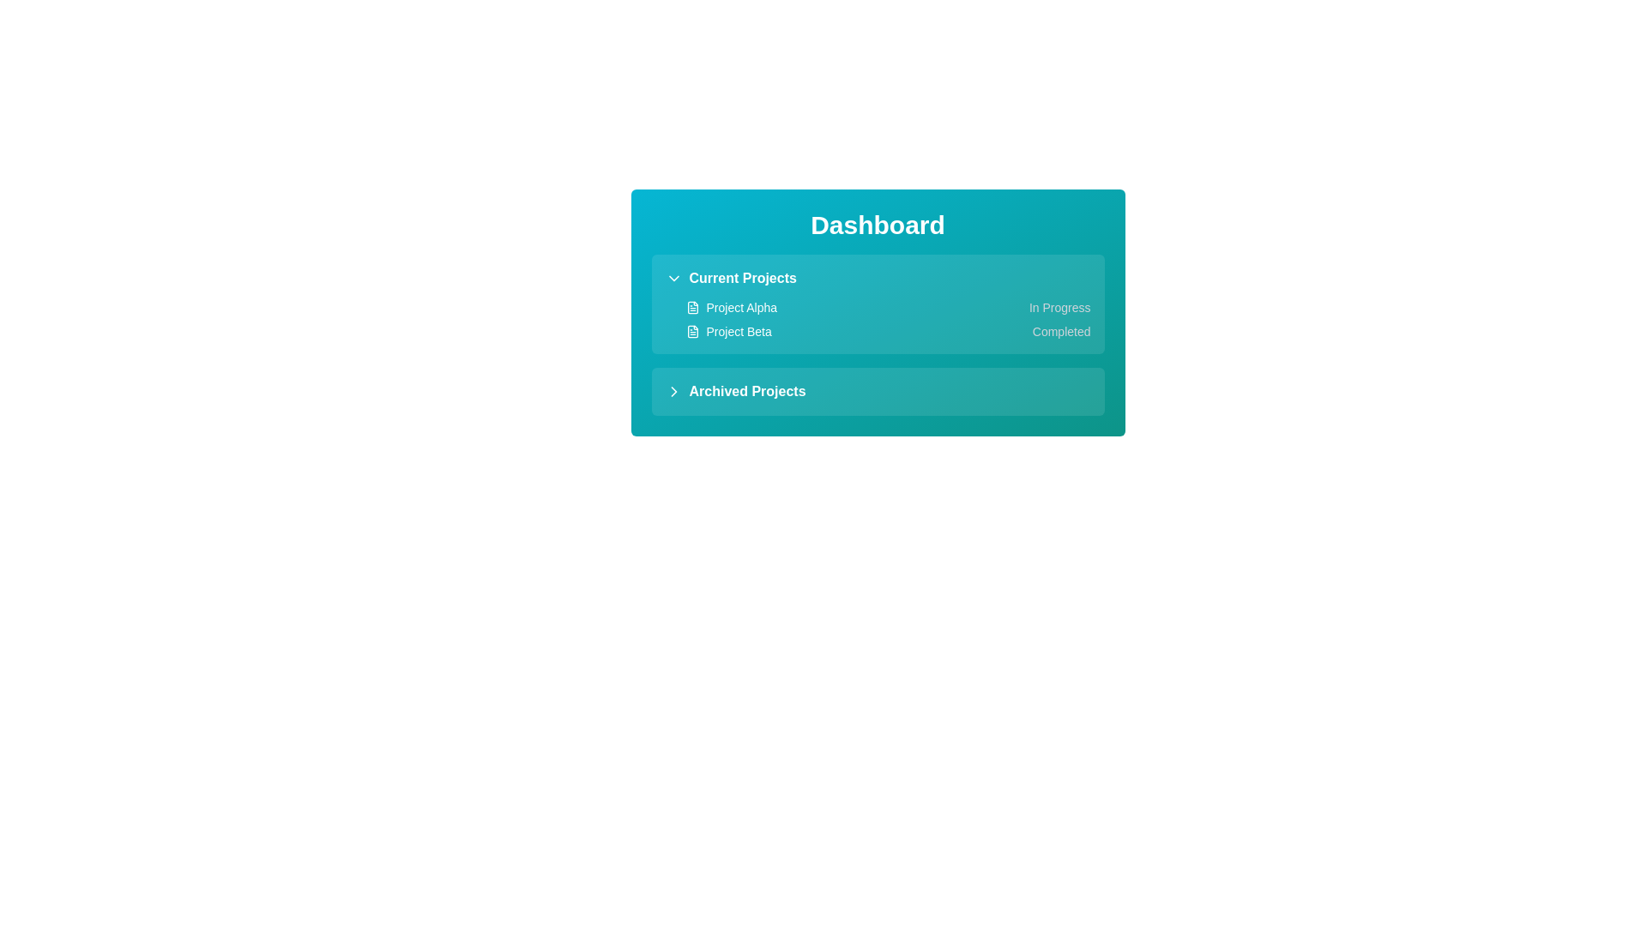 This screenshot has height=926, width=1647. What do you see at coordinates (731, 277) in the screenshot?
I see `the 'Current Projects' section header` at bounding box center [731, 277].